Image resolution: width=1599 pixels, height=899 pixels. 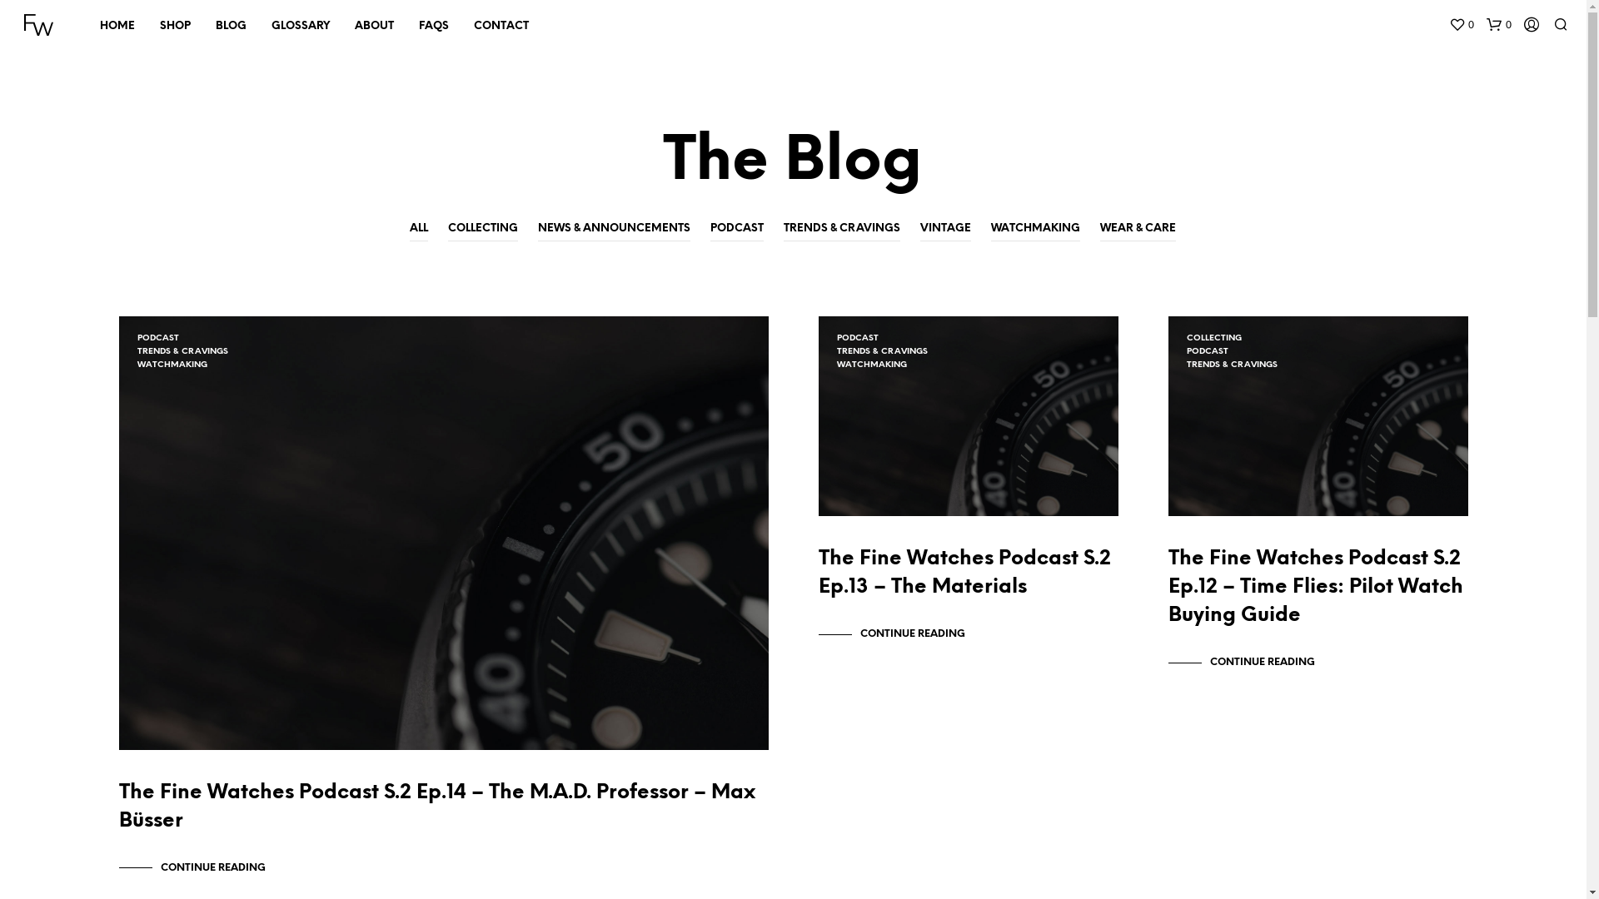 I want to click on '0', so click(x=1499, y=25).